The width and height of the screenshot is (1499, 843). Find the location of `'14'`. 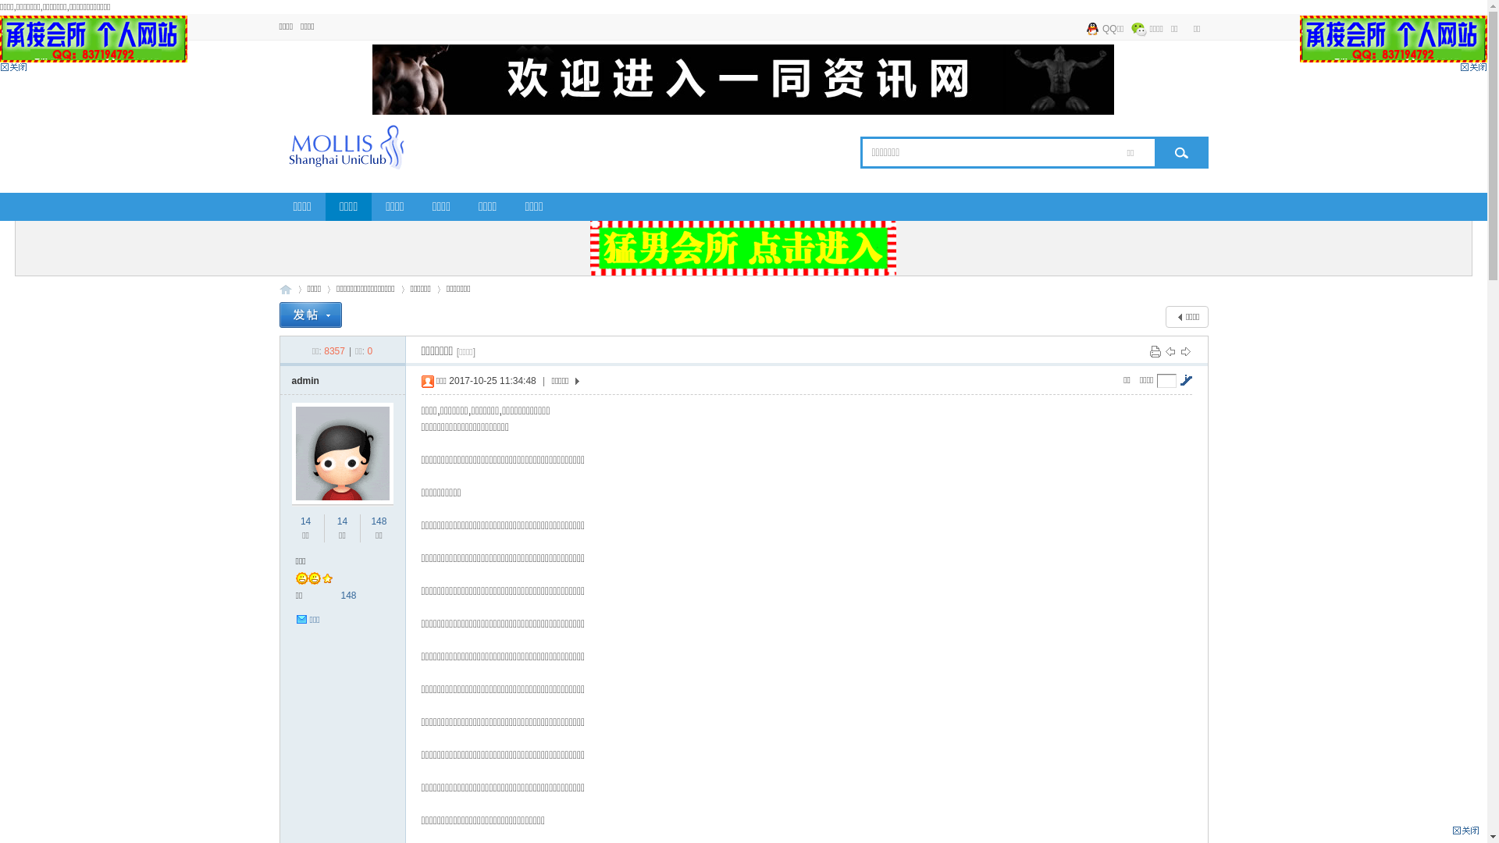

'14' is located at coordinates (305, 521).